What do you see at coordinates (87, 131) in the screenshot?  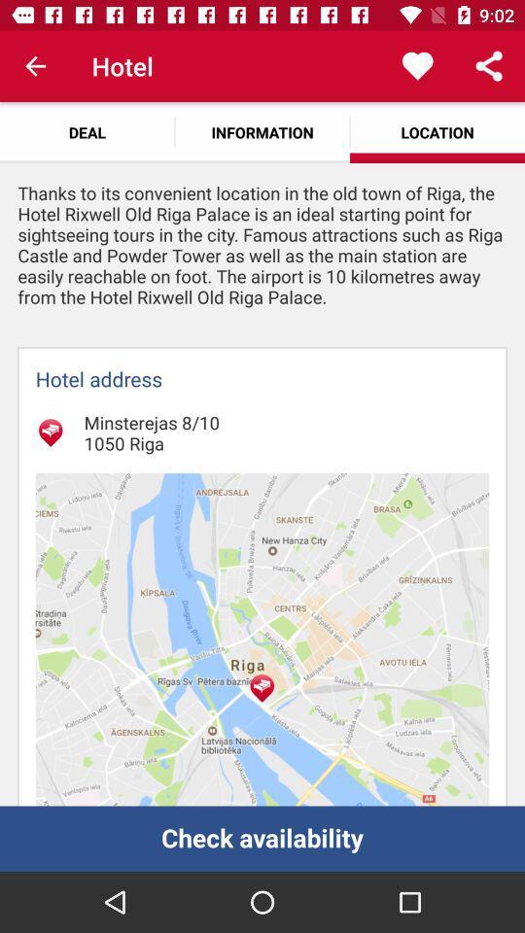 I see `the app next to the information icon` at bounding box center [87, 131].